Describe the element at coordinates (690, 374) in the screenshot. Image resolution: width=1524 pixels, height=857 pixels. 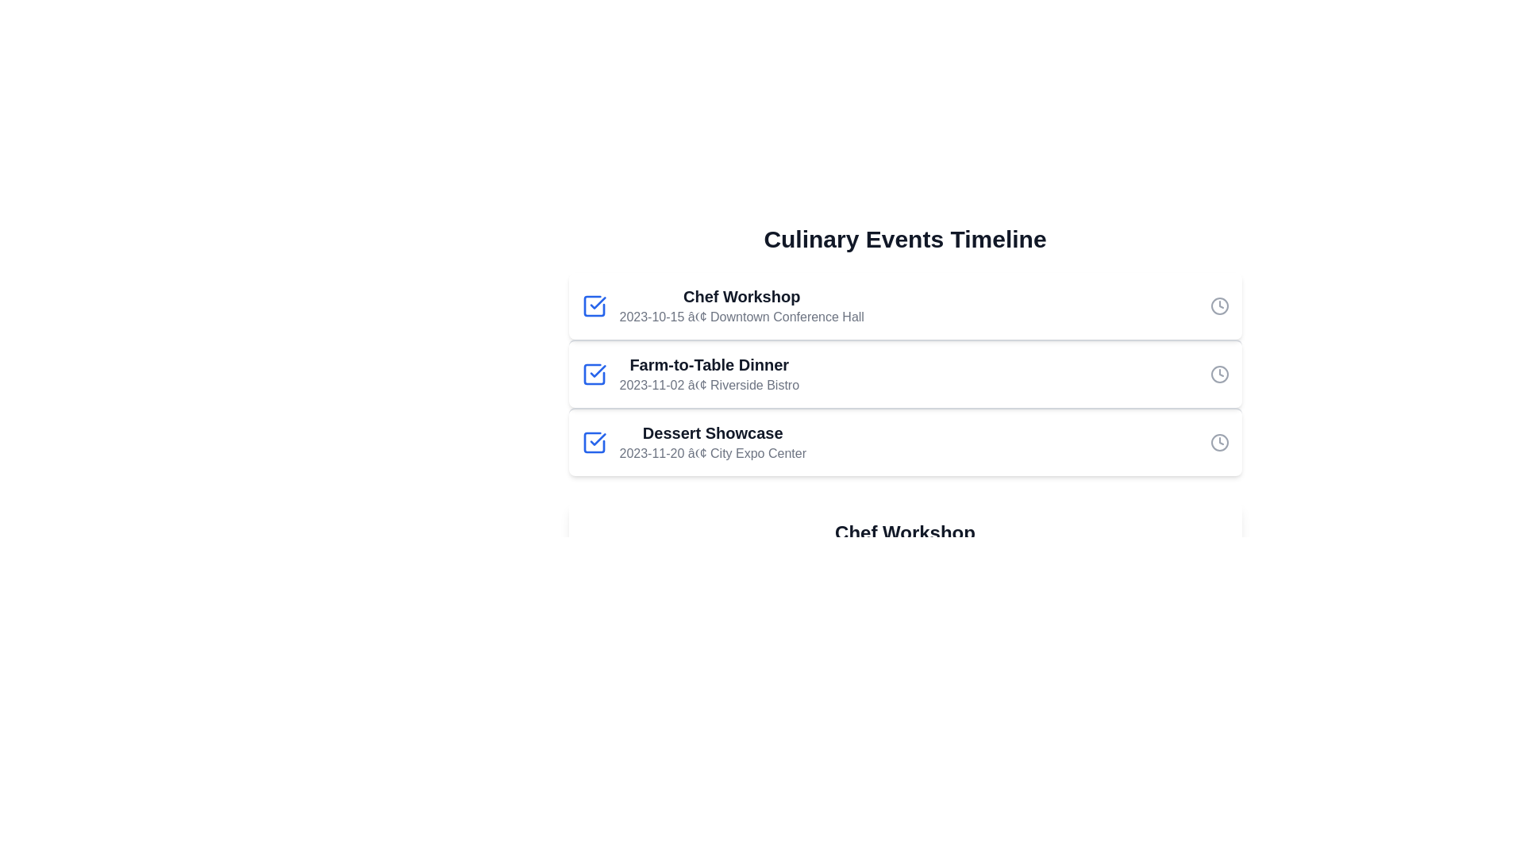
I see `the text of the second event list item representing an event, which is located between 'Chef Workshop' and 'Dessert Showcase'` at that location.